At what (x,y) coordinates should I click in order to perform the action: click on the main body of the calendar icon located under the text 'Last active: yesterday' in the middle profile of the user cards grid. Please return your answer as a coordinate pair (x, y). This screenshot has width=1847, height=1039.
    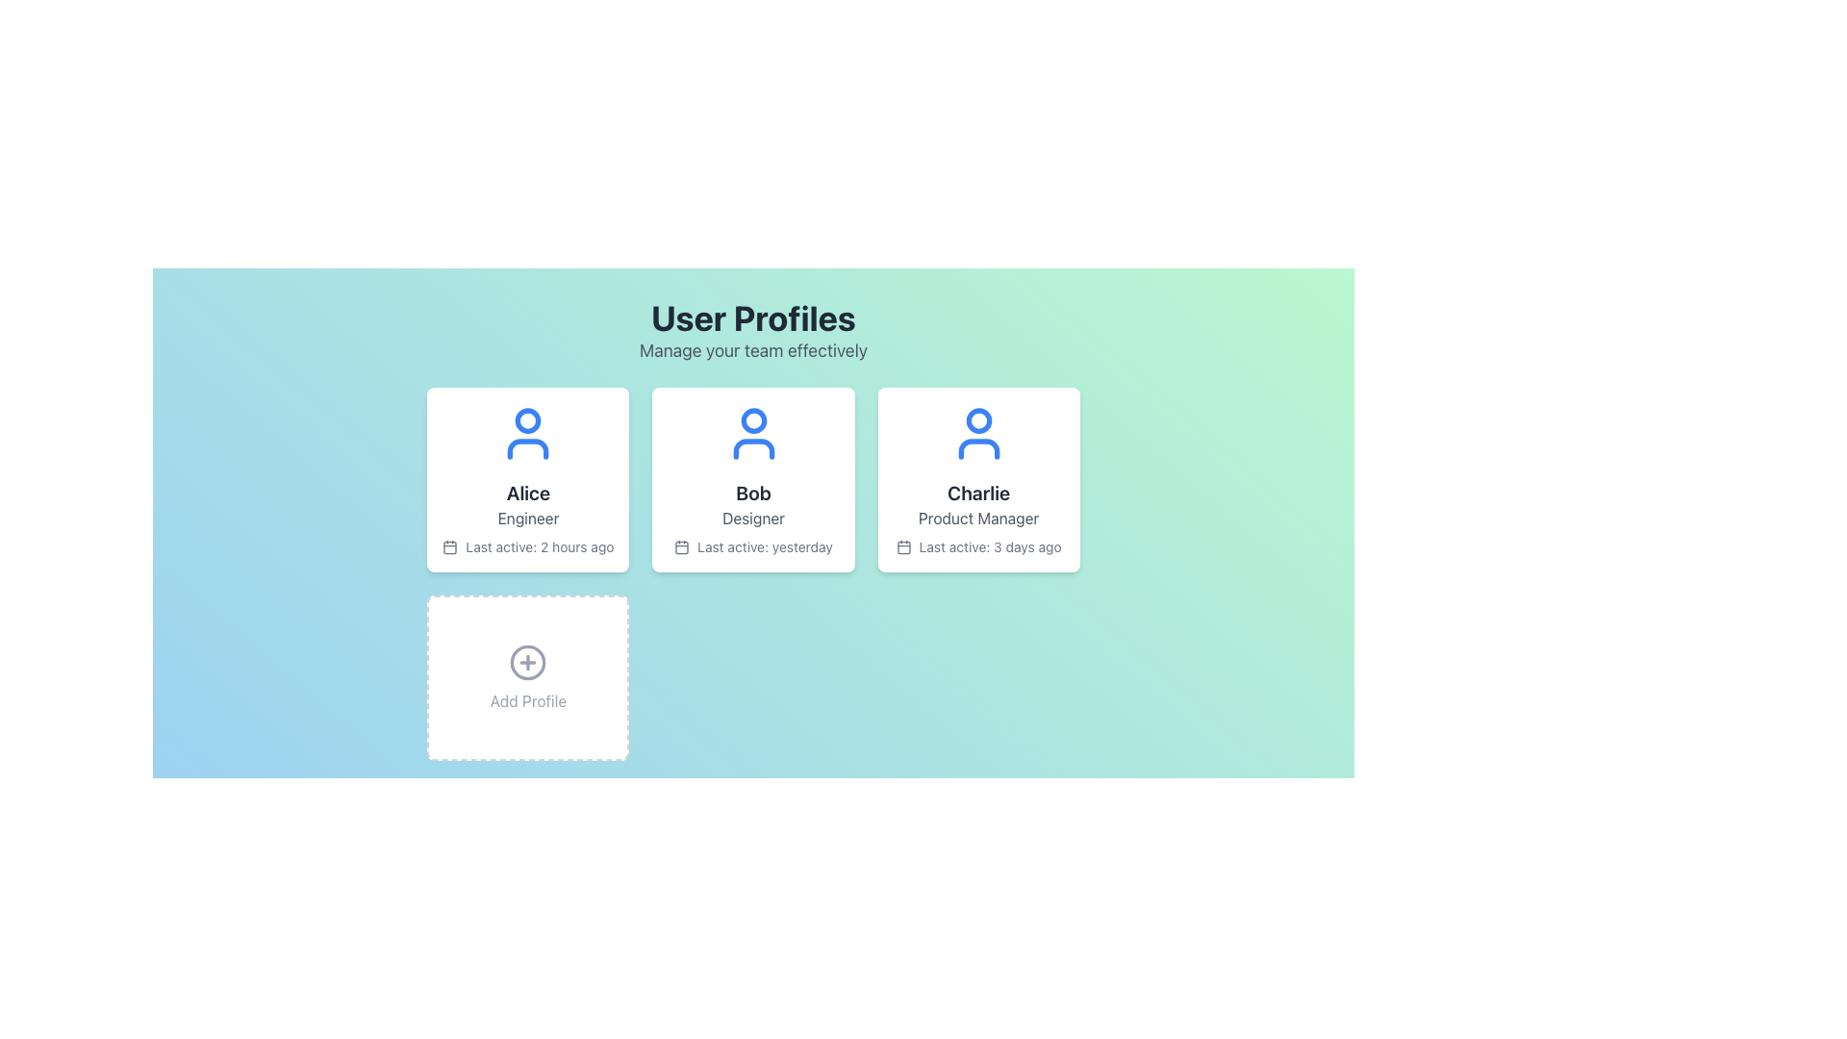
    Looking at the image, I should click on (682, 547).